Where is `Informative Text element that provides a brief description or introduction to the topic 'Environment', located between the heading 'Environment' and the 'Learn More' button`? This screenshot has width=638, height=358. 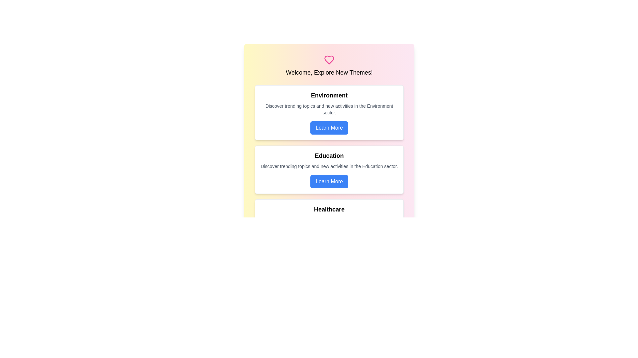
Informative Text element that provides a brief description or introduction to the topic 'Environment', located between the heading 'Environment' and the 'Learn More' button is located at coordinates (329, 109).